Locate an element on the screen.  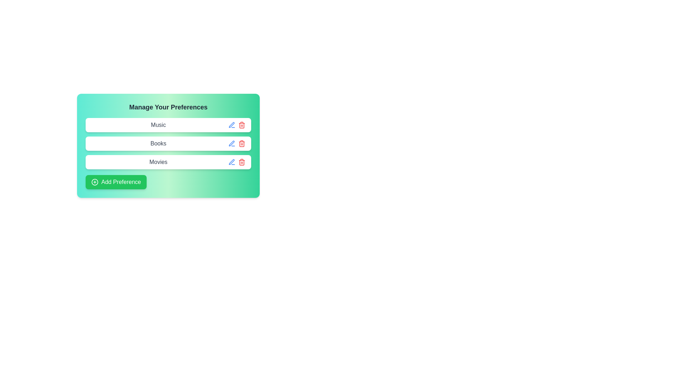
the edit button for the preference tag Movies to enable editing is located at coordinates (232, 162).